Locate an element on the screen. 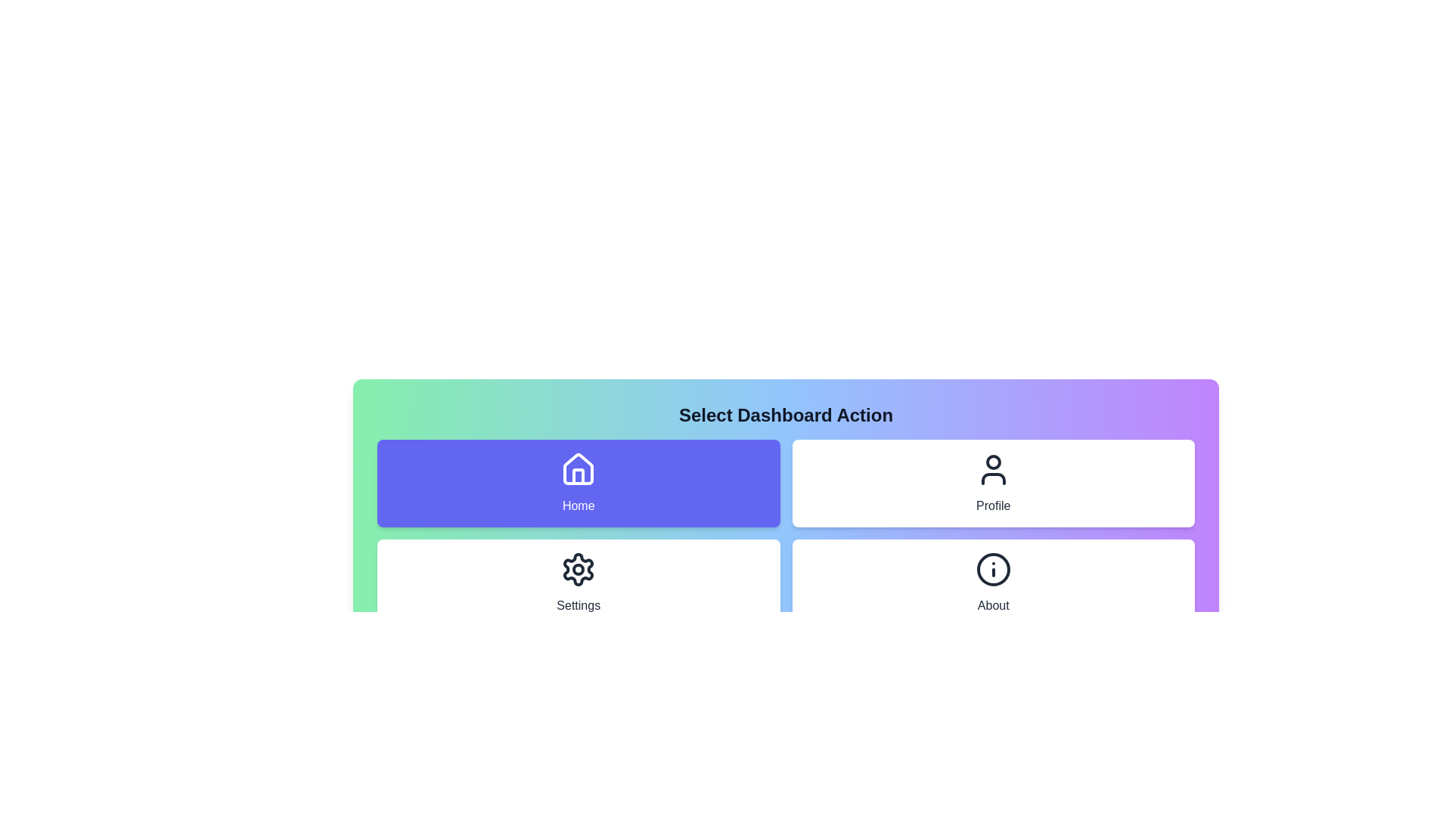 This screenshot has width=1452, height=816. the About button to observe its visual effect is located at coordinates (994, 582).